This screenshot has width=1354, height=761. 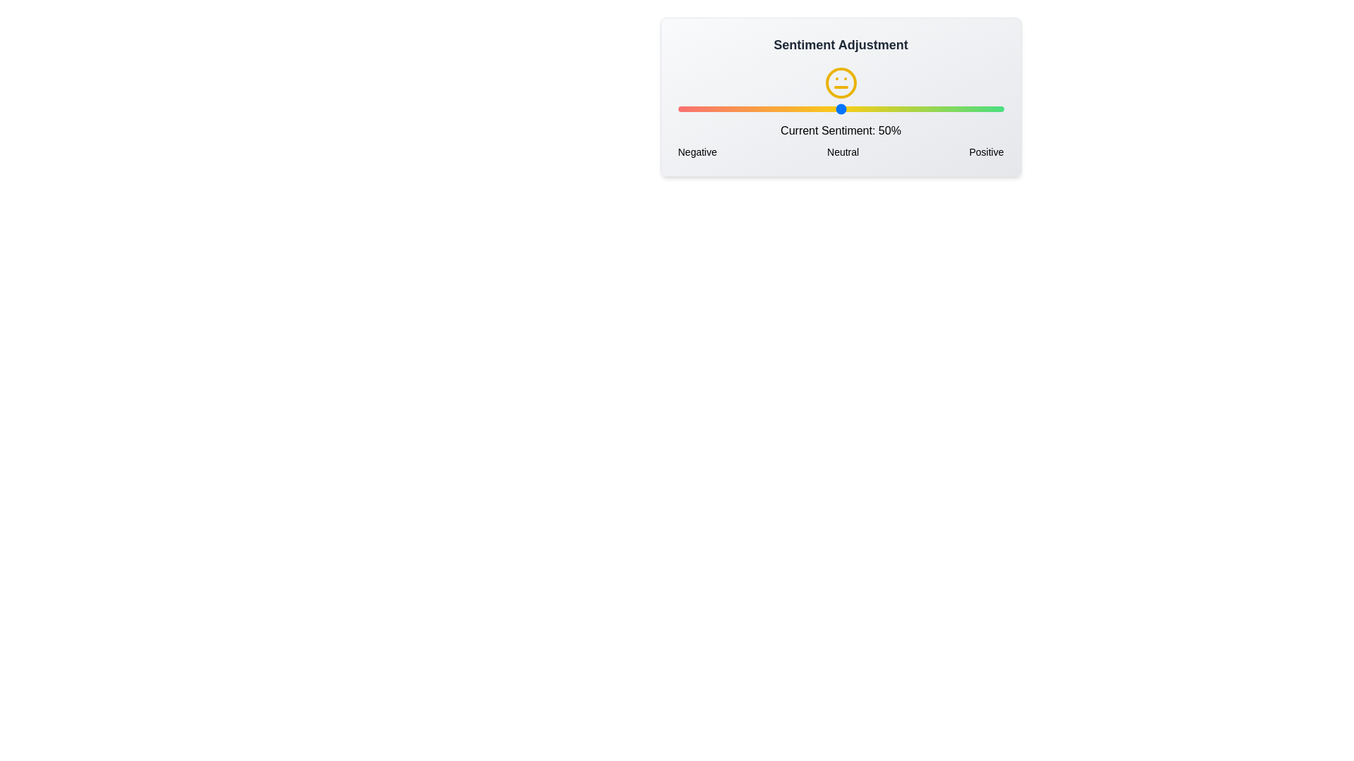 I want to click on the sentiment slider to 65%, so click(x=889, y=108).